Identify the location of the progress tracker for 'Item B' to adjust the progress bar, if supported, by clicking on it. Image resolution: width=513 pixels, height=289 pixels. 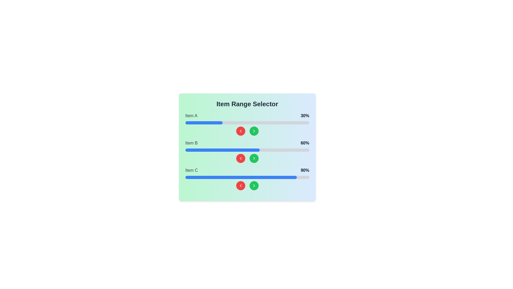
(247, 151).